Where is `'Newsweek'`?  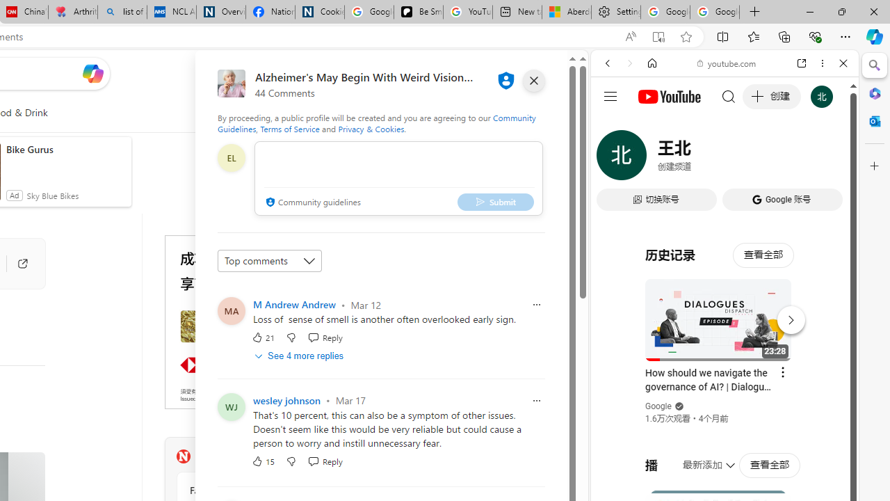 'Newsweek' is located at coordinates (182, 456).